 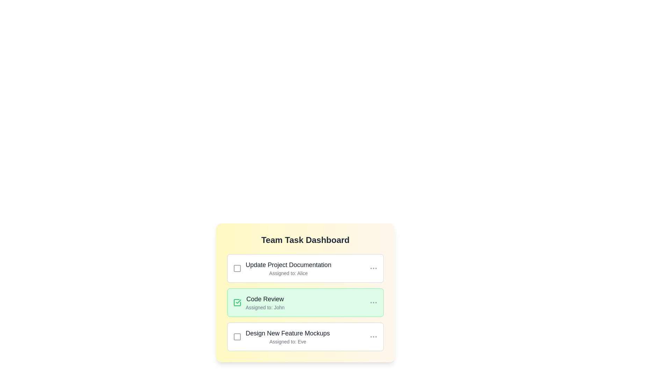 I want to click on the 'More' button for the task 'Update Project Documentation', so click(x=373, y=268).